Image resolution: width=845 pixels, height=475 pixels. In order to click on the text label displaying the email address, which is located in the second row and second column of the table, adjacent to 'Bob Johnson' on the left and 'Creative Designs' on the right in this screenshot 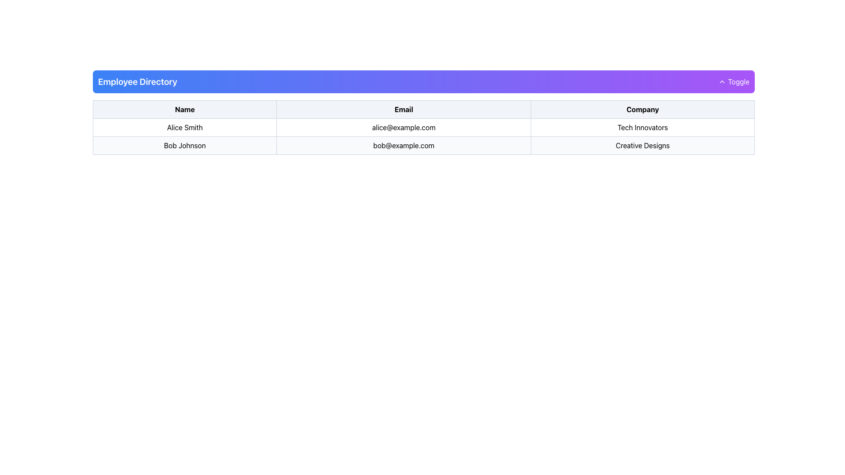, I will do `click(403, 145)`.